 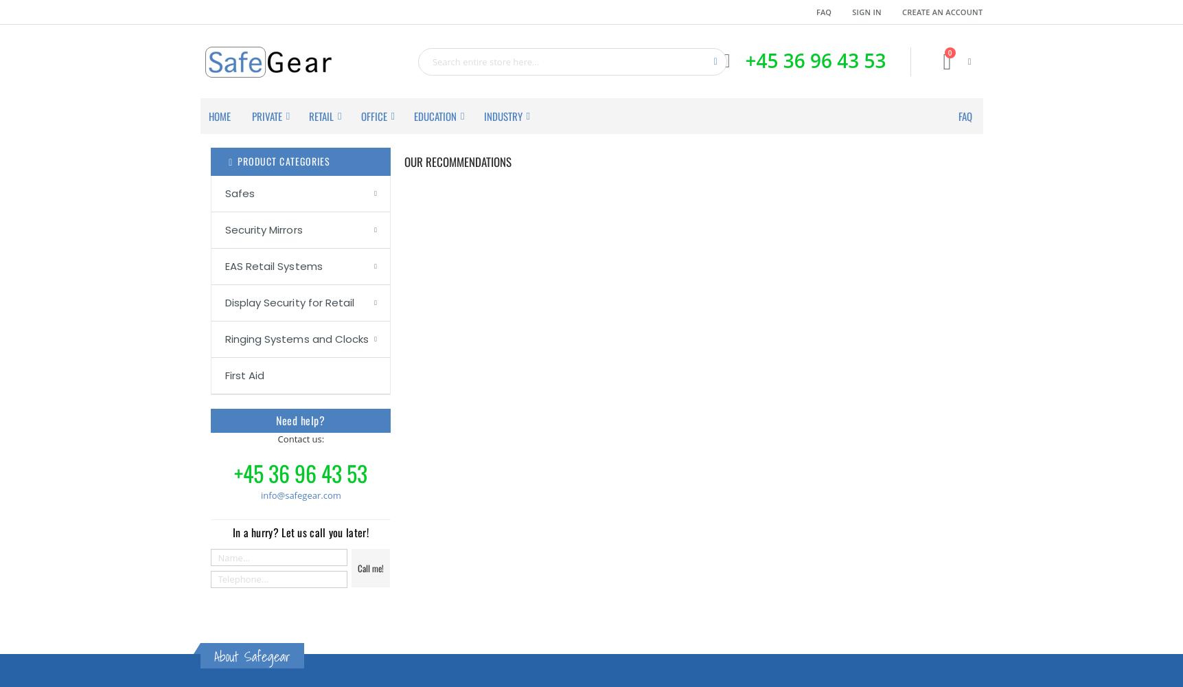 What do you see at coordinates (273, 265) in the screenshot?
I see `'EAS Retail Systems'` at bounding box center [273, 265].